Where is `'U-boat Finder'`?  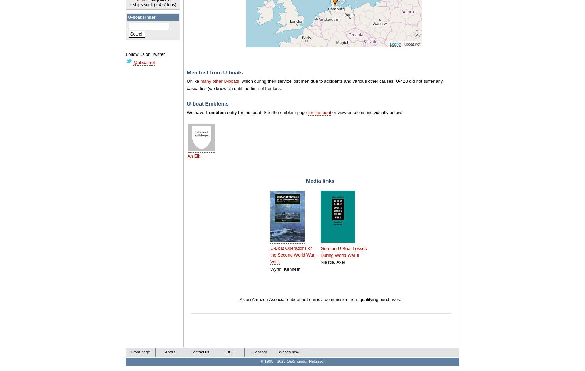 'U-boat Finder' is located at coordinates (142, 17).